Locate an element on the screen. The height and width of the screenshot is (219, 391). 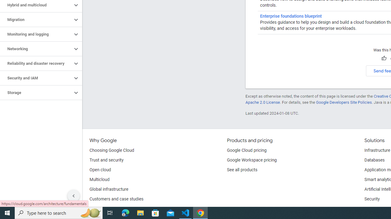
'Security' is located at coordinates (372, 199).